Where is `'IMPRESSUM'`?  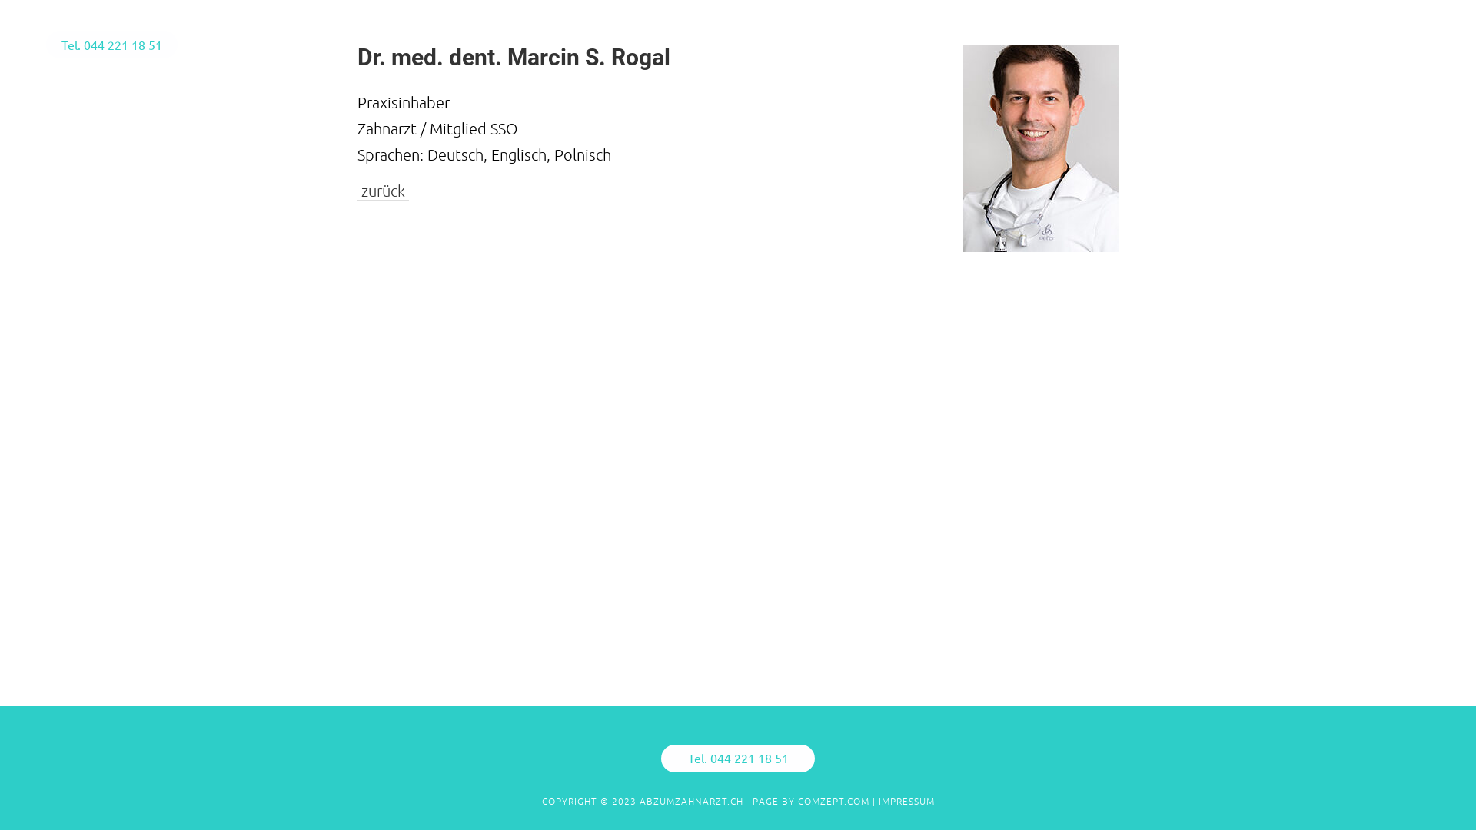 'IMPRESSUM' is located at coordinates (906, 799).